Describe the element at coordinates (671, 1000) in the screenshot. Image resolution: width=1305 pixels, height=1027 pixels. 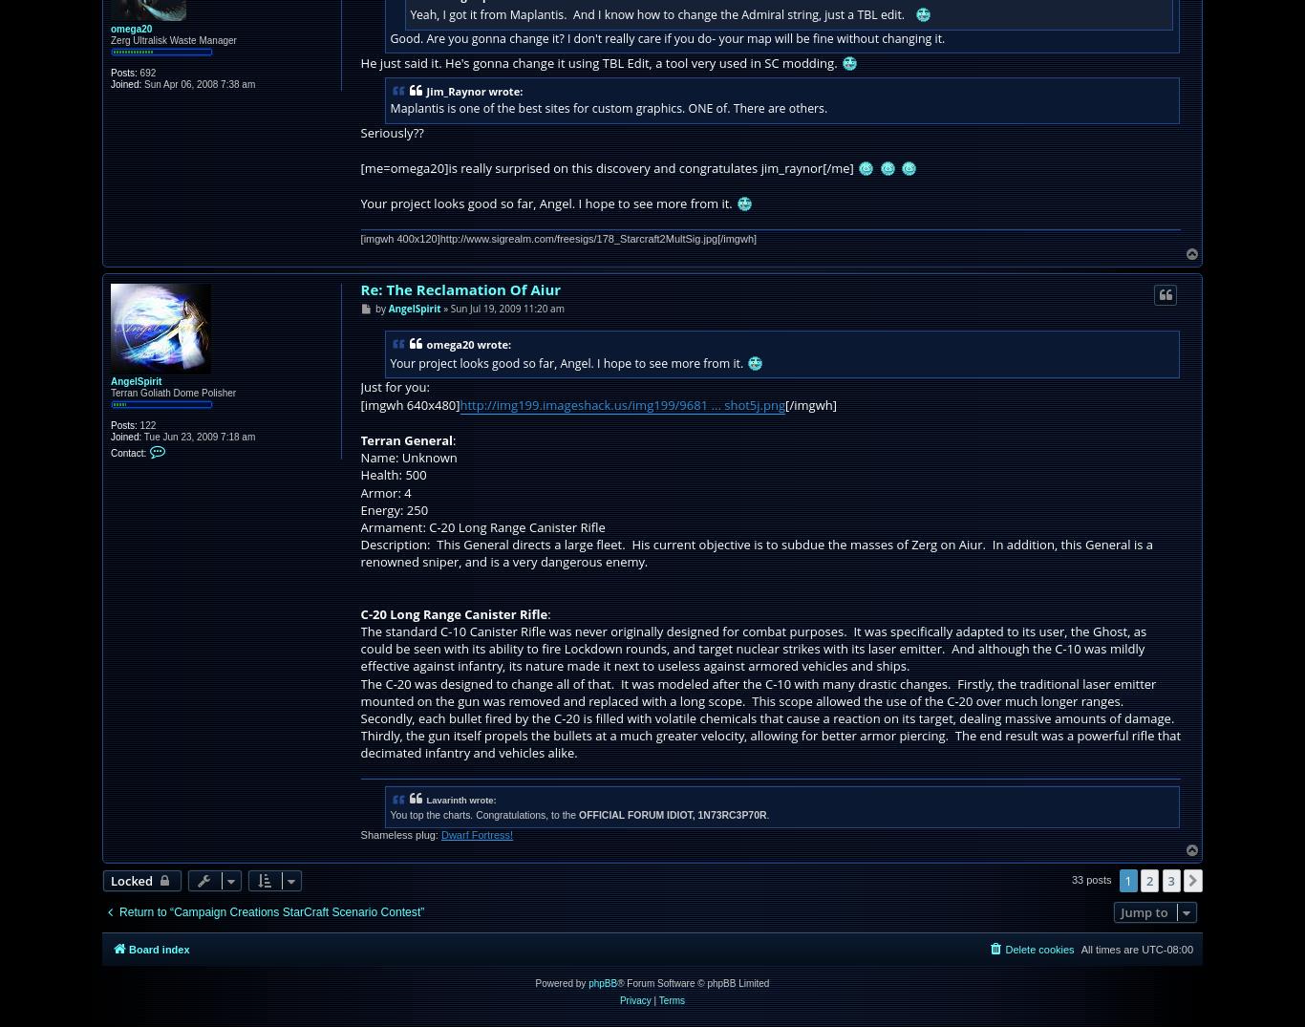
I see `'Terms'` at that location.